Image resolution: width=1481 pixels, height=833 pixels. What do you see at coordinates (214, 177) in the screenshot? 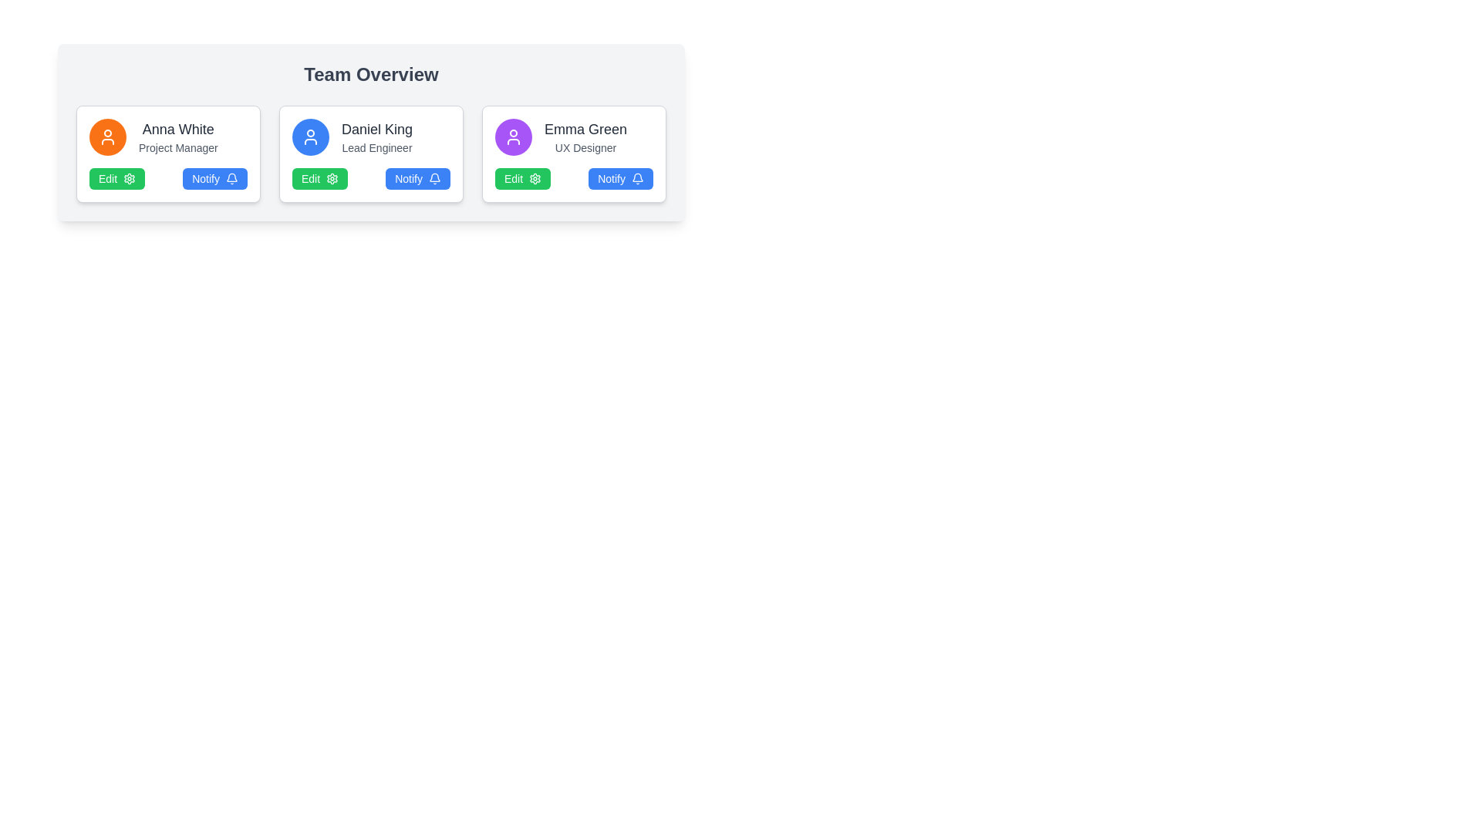
I see `the notification button located in the profile card, situated in the middle column and positioned just to the right of the 'Edit' button` at bounding box center [214, 177].